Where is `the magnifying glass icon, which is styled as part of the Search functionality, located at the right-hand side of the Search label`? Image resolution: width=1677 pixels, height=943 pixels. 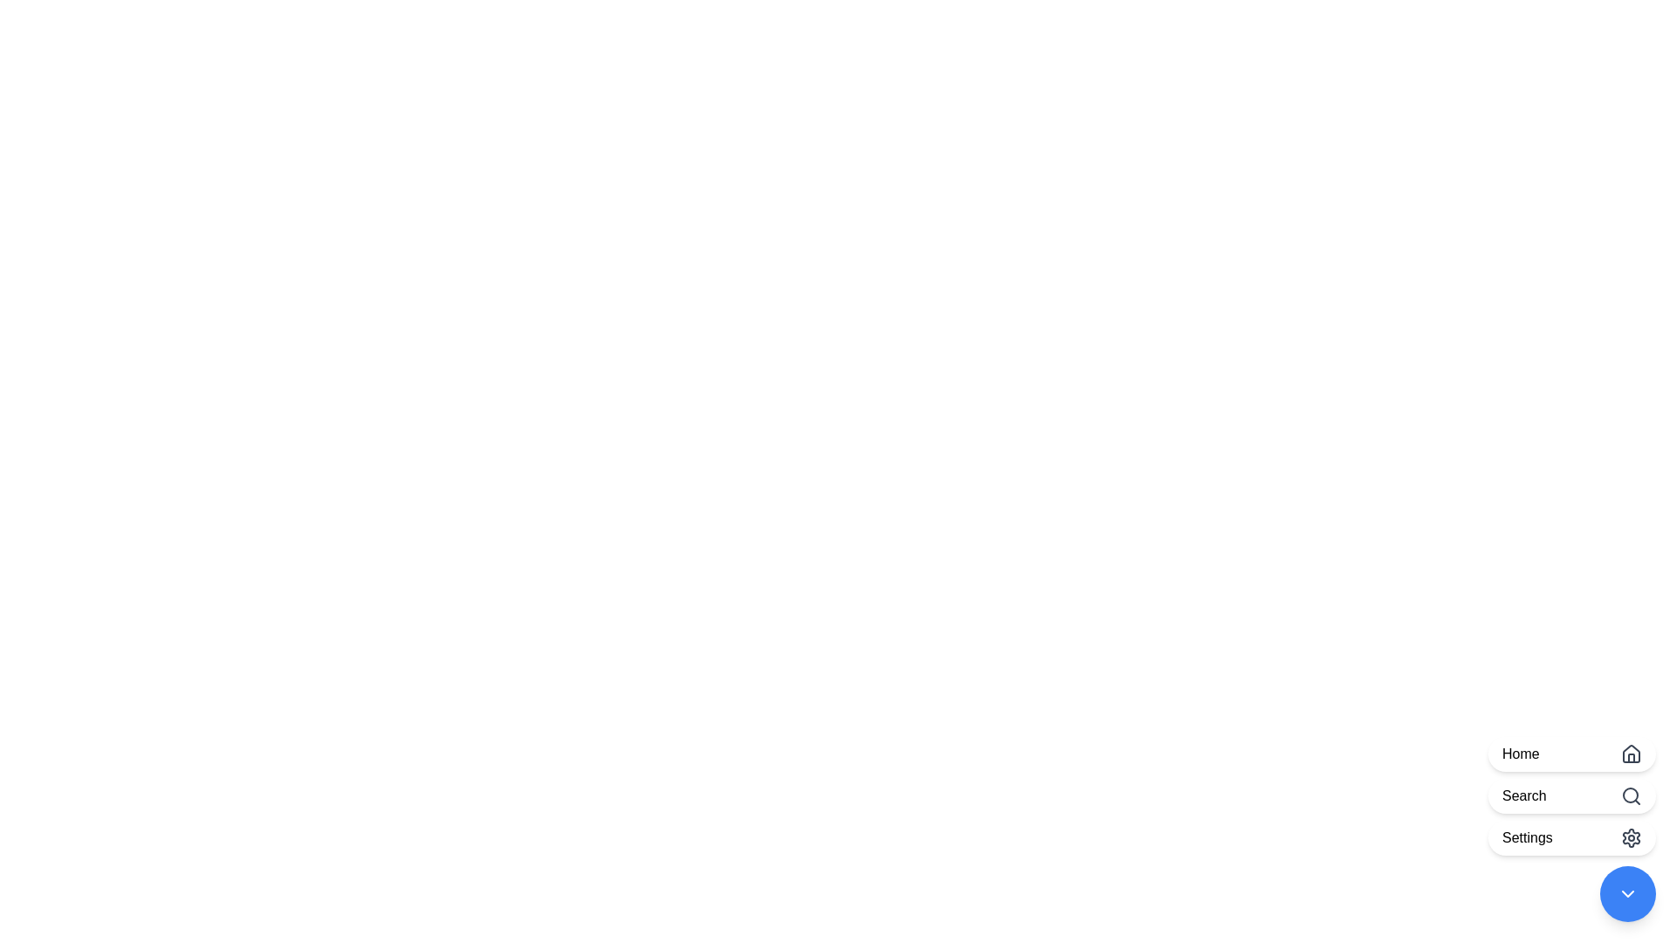 the magnifying glass icon, which is styled as part of the Search functionality, located at the right-hand side of the Search label is located at coordinates (1630, 795).